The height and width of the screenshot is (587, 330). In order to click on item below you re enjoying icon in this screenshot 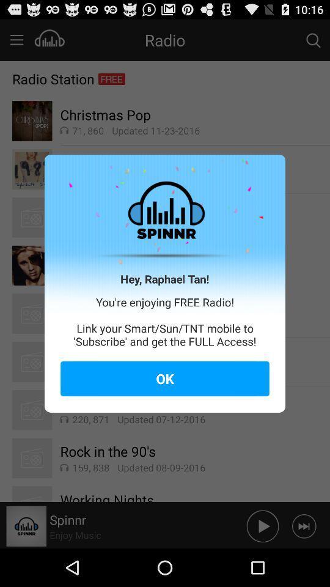, I will do `click(165, 378)`.